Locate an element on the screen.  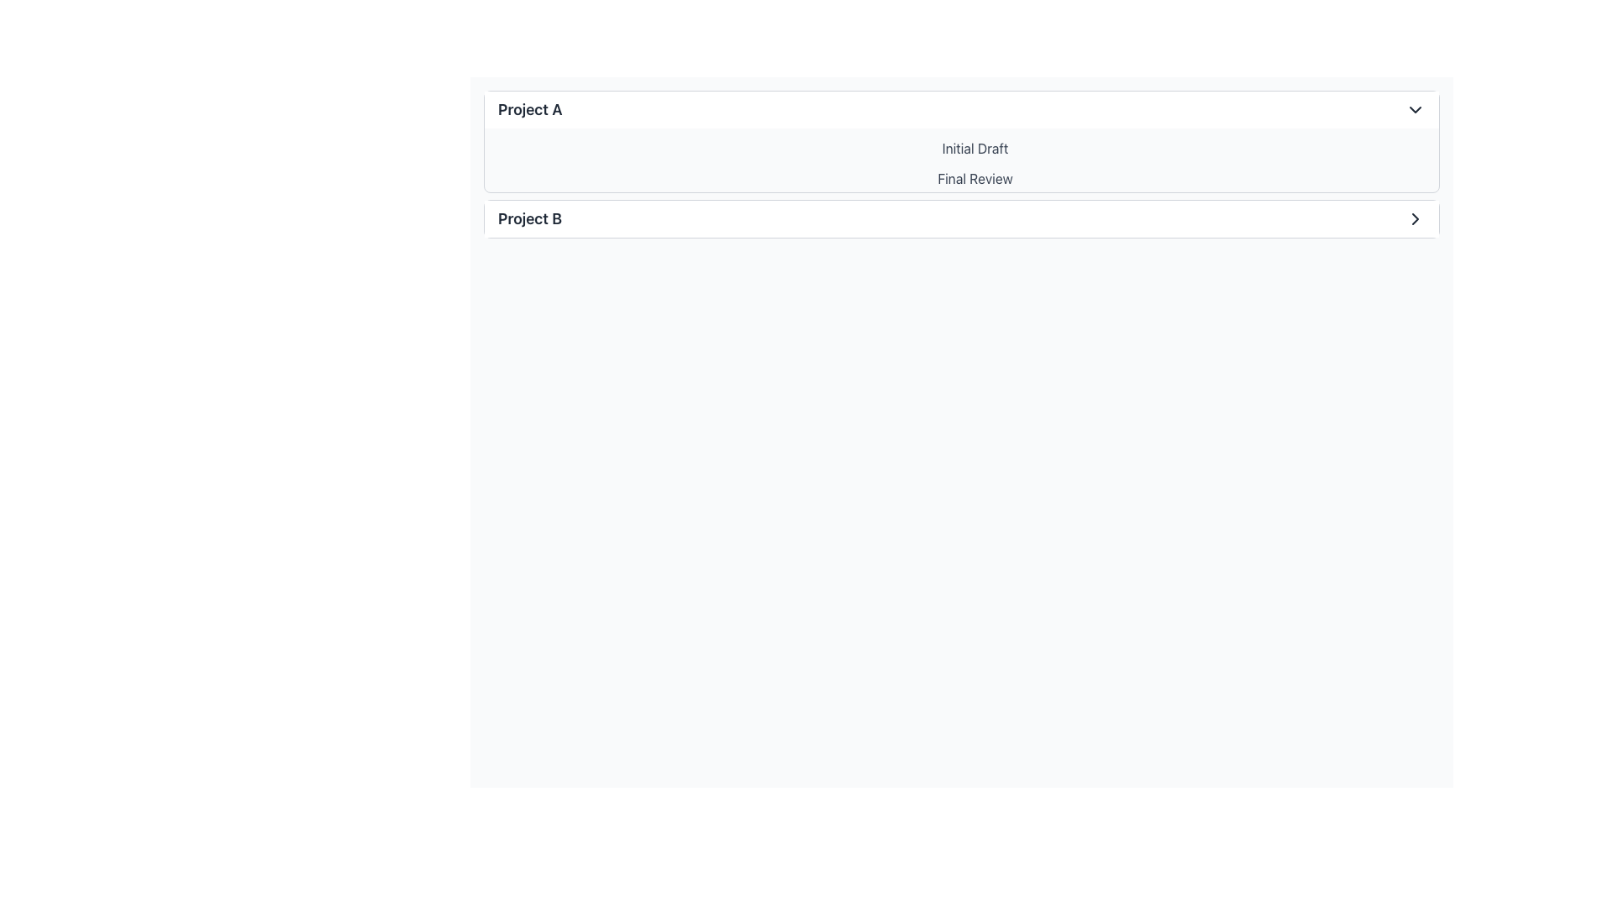
the Chevron toggle icon located to the right of the text 'Project A' is located at coordinates (1414, 110).